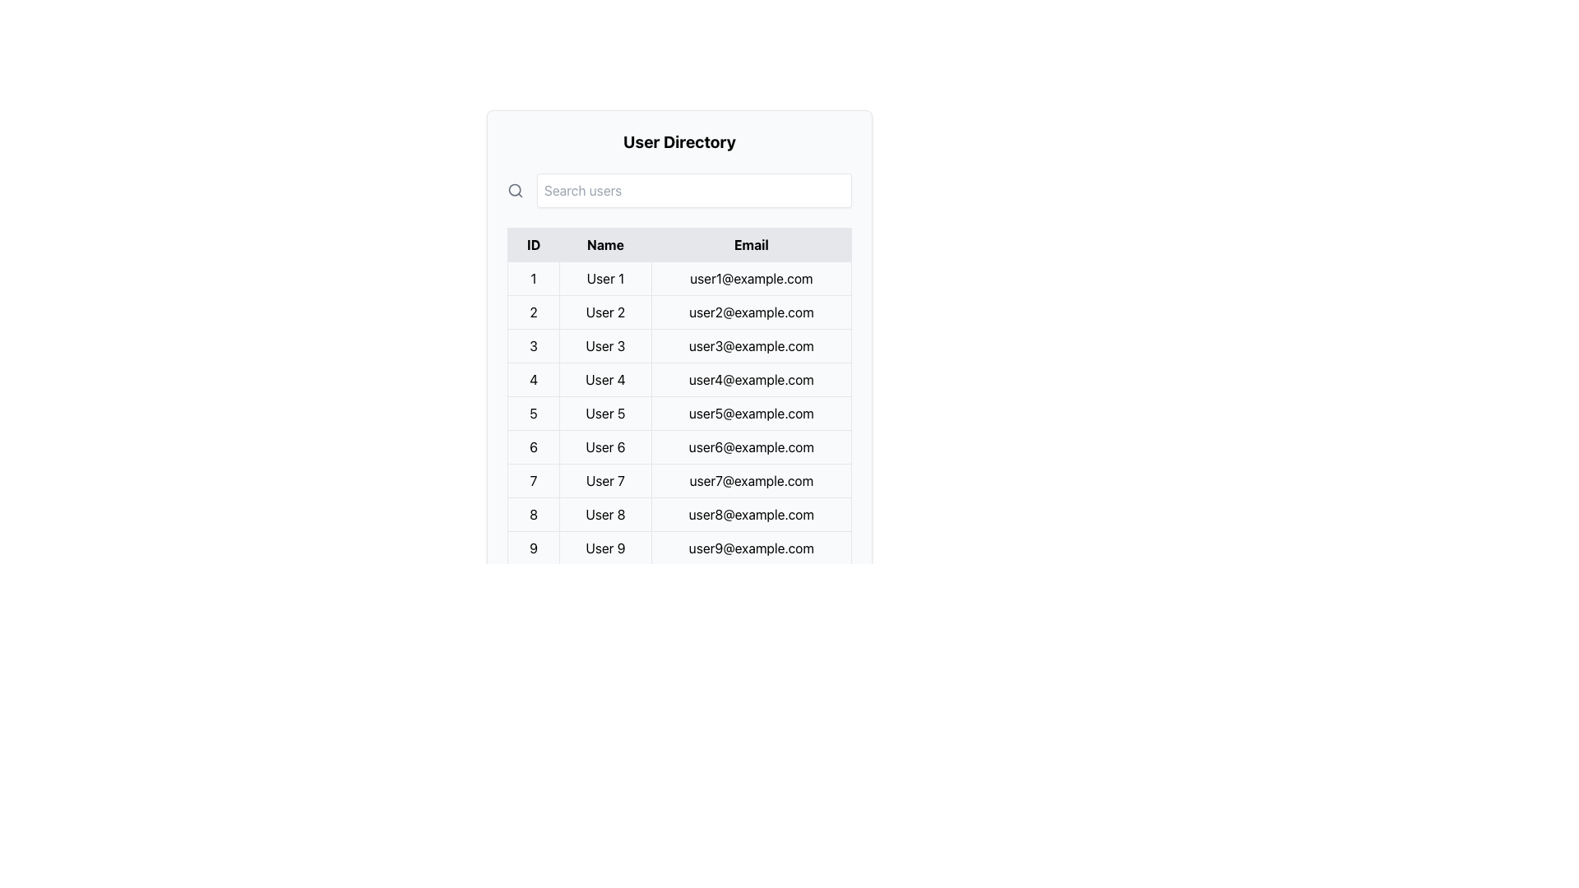  I want to click on the text label displaying 'User 5' located in the fifth row of the table under the 'Name' column, positioned between ID '5' and email 'user5@example.com', so click(604, 412).